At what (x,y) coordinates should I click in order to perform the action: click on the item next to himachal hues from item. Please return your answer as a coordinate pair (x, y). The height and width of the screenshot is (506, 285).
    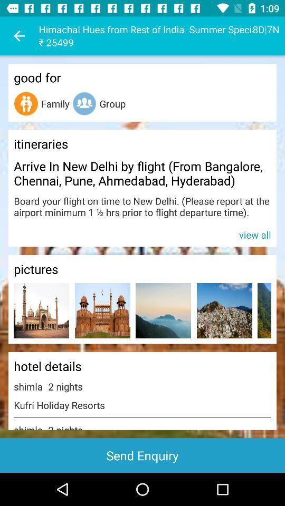
    Looking at the image, I should click on (19, 36).